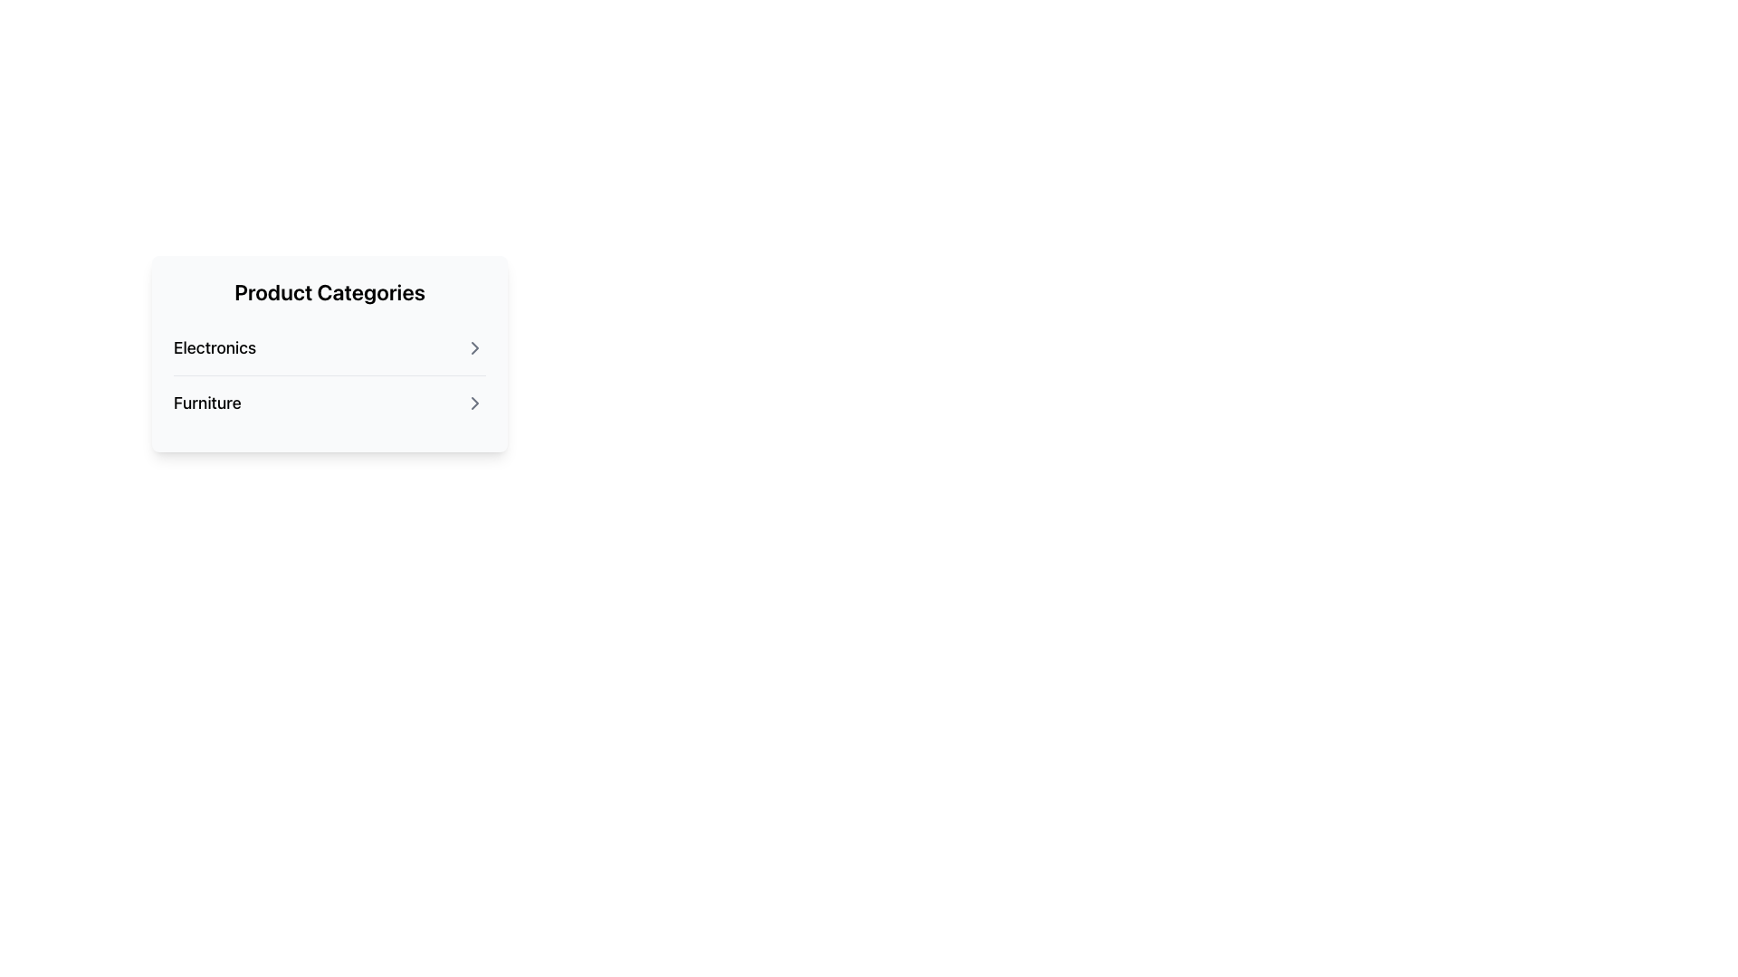 The height and width of the screenshot is (977, 1738). I want to click on the 'Electronics' category button located in the vertical list under 'Product Categories', so click(329, 348).